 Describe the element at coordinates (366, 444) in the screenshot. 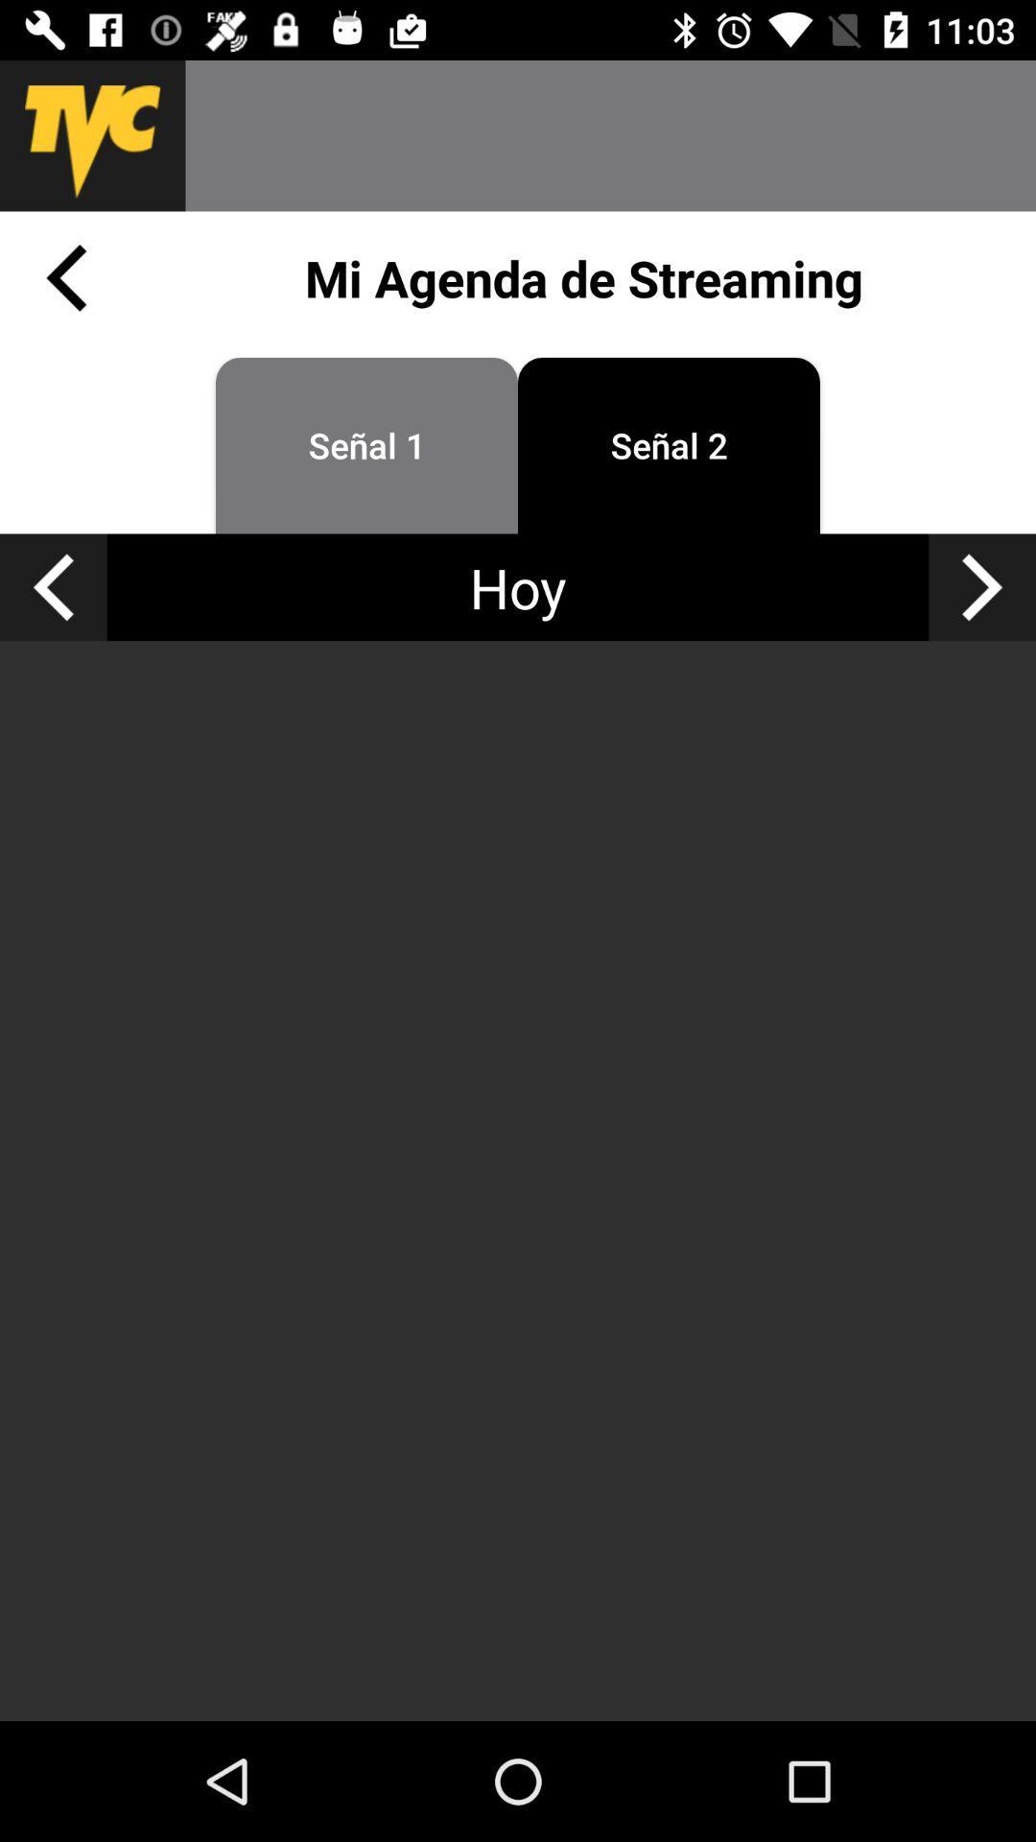

I see `item above the hoy app` at that location.